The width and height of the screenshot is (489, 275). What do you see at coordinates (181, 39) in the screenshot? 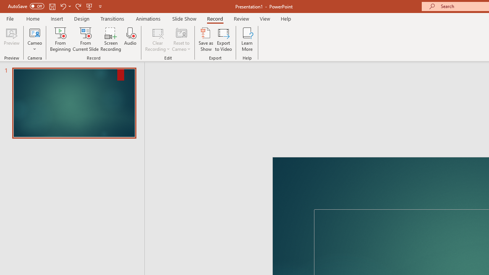
I see `'Reset to Cameo'` at bounding box center [181, 39].